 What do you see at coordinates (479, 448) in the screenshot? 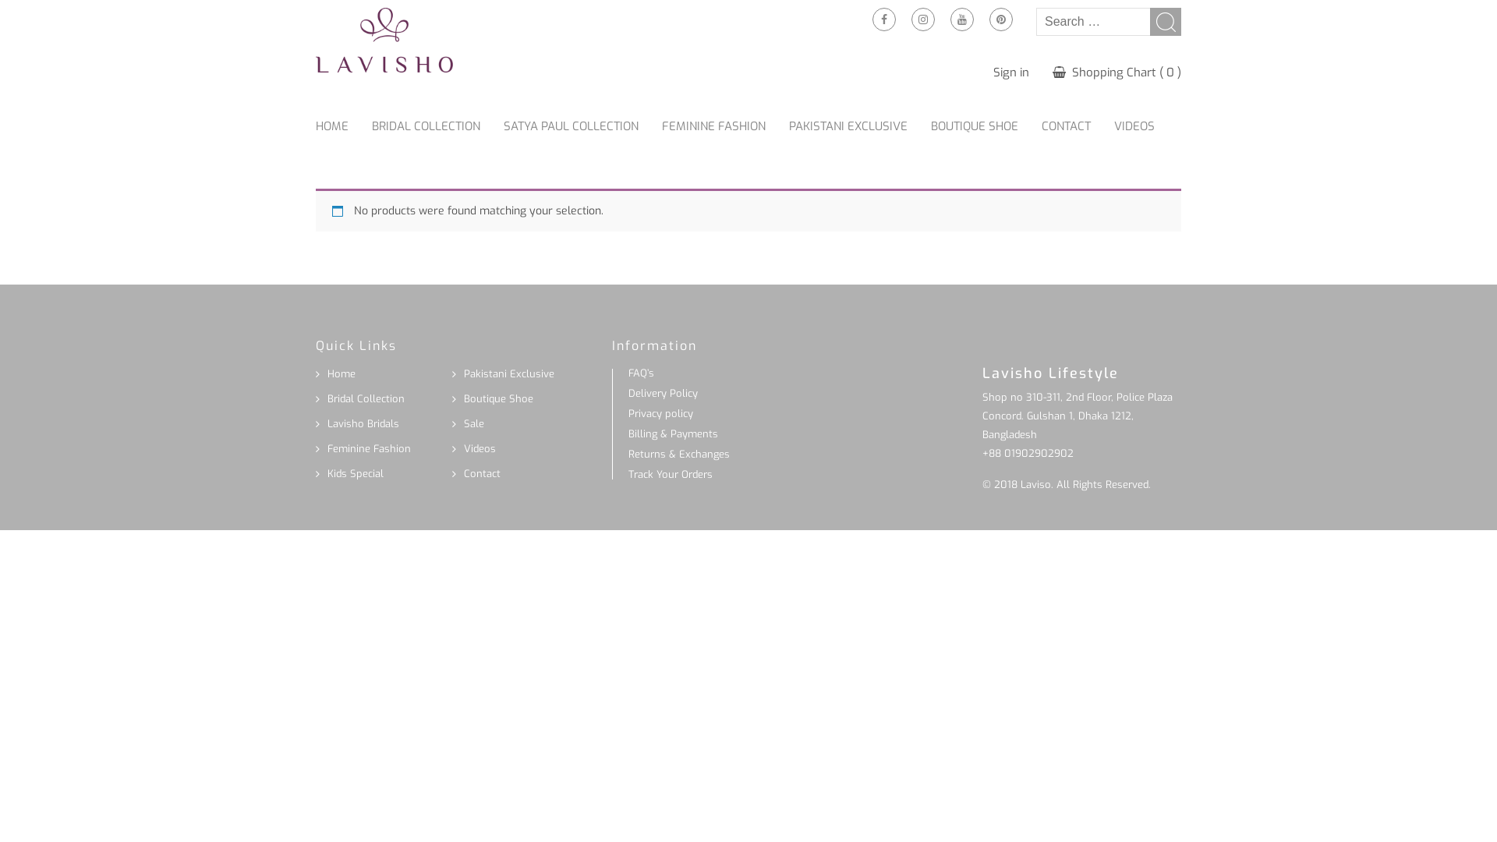
I see `'Videos'` at bounding box center [479, 448].